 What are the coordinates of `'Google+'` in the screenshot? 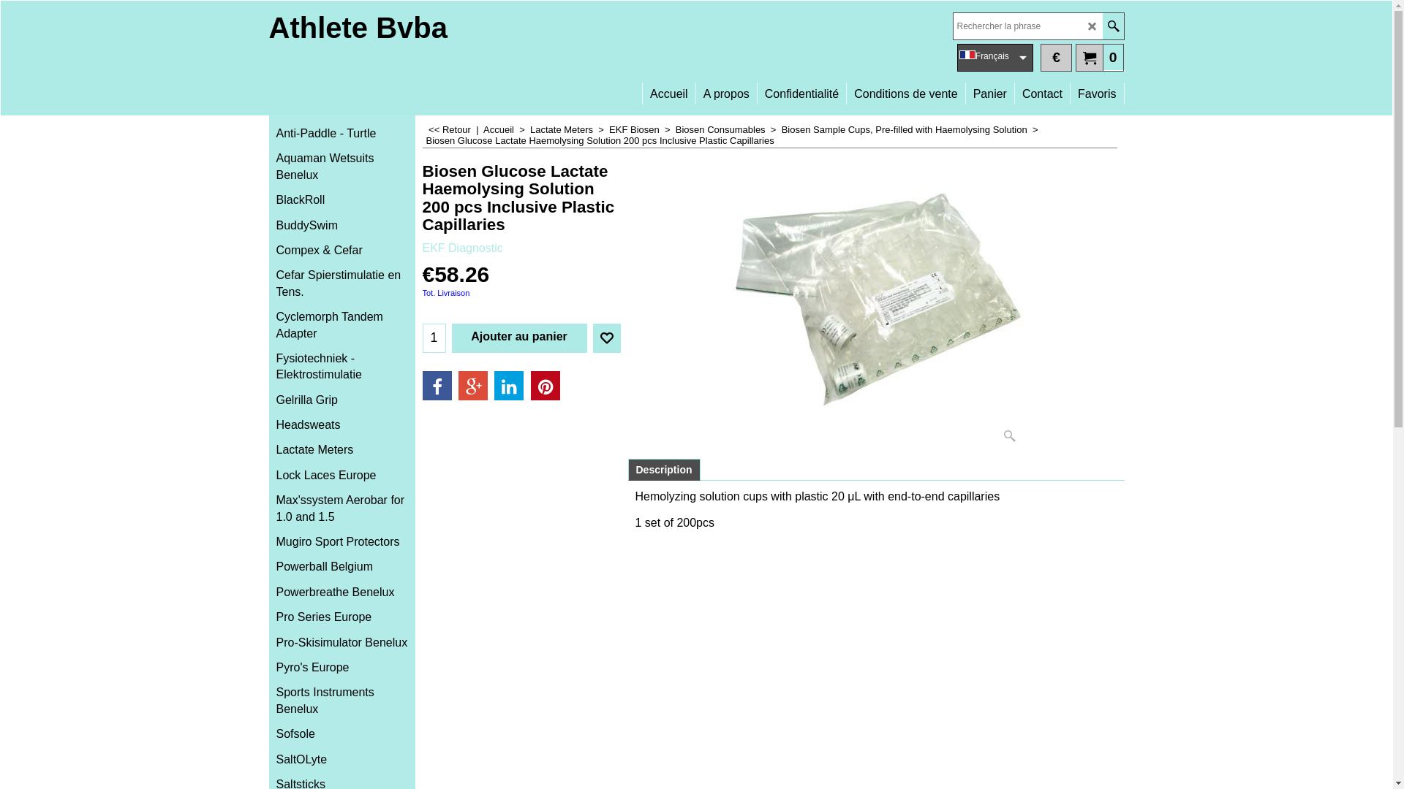 It's located at (473, 385).